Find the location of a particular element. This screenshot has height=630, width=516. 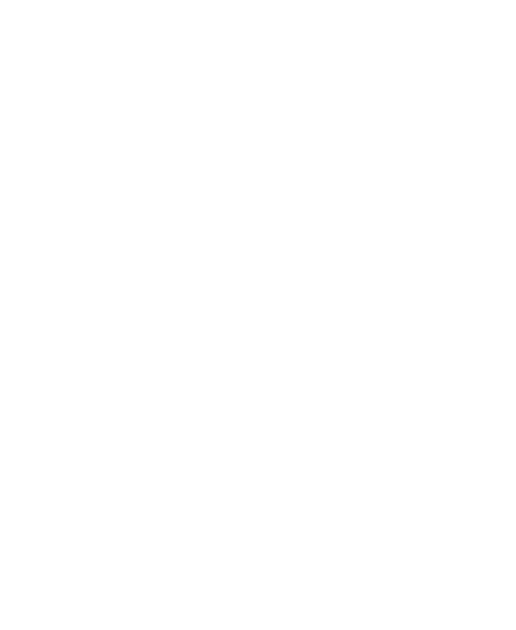

'Google Survey' is located at coordinates (28, 586).